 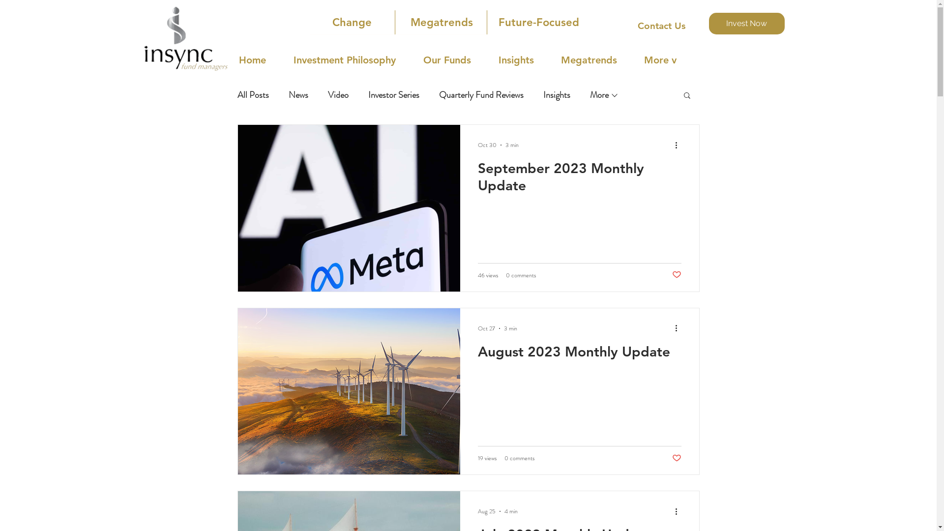 What do you see at coordinates (352, 22) in the screenshot?
I see `'Change'` at bounding box center [352, 22].